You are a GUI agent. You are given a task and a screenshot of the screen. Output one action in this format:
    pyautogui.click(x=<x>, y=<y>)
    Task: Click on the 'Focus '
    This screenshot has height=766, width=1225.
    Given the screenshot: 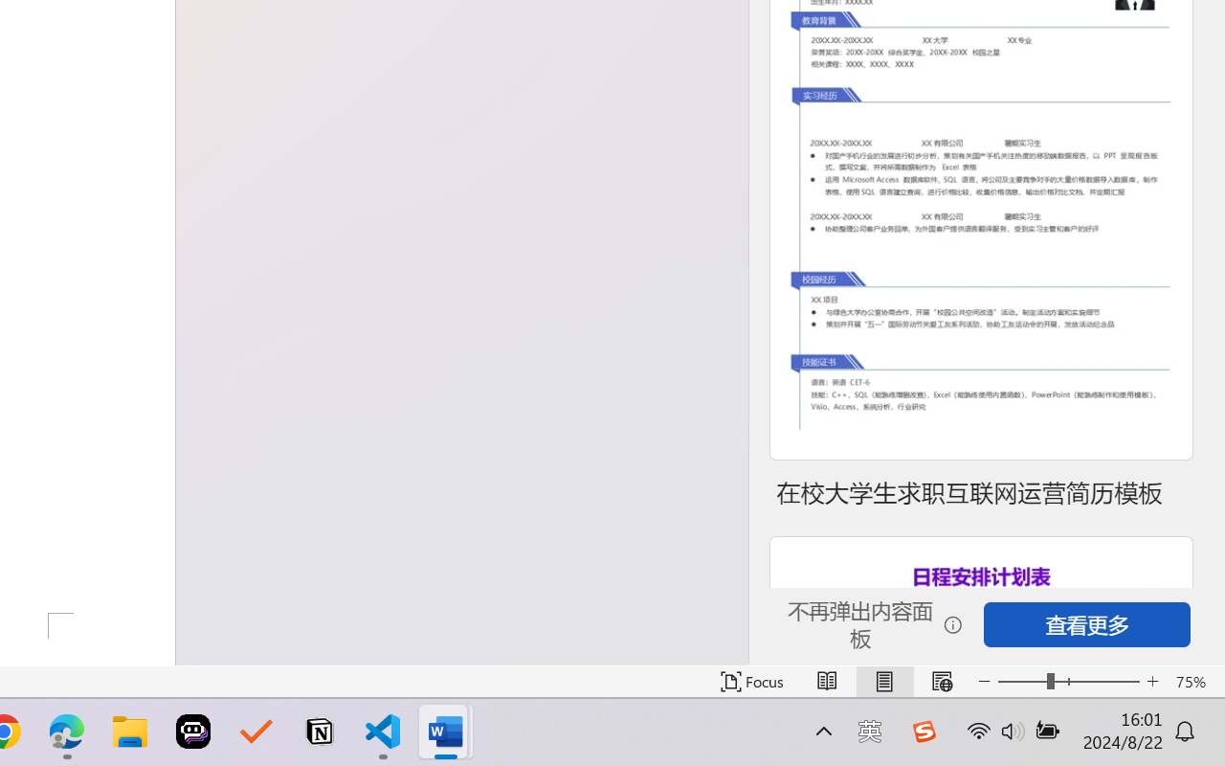 What is the action you would take?
    pyautogui.click(x=751, y=681)
    